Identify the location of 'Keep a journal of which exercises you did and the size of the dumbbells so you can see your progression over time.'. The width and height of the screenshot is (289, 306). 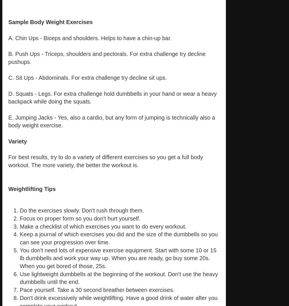
(118, 238).